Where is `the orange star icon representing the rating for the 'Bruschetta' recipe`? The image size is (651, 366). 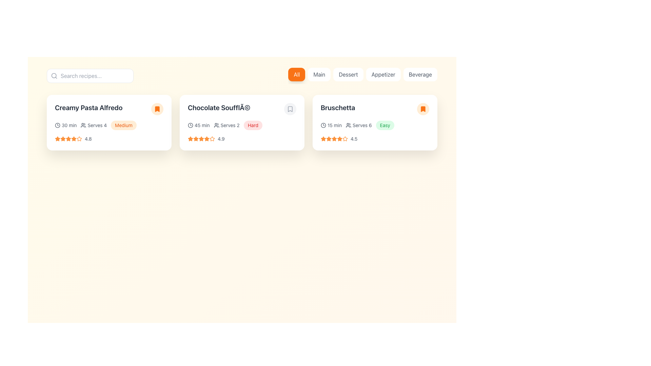
the orange star icon representing the rating for the 'Bruschetta' recipe is located at coordinates (345, 138).